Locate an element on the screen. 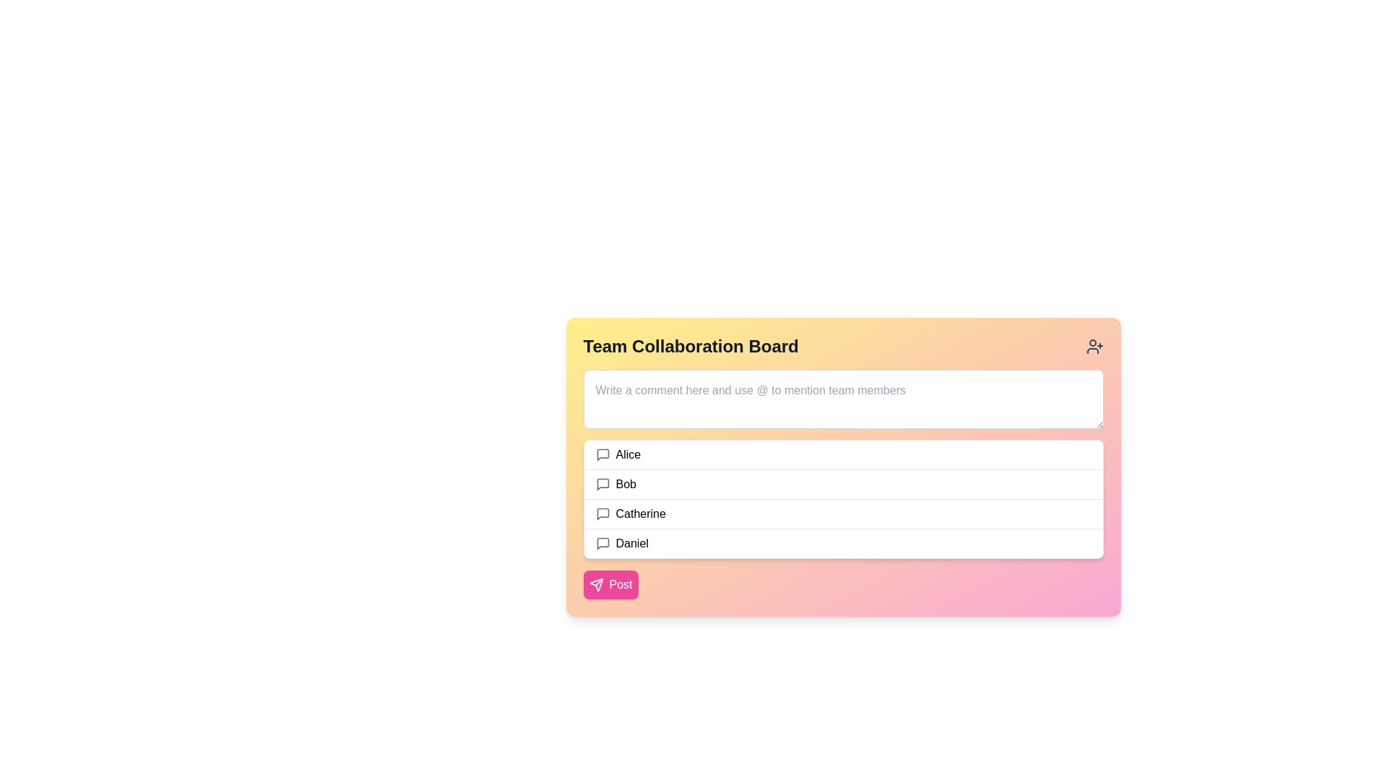 Image resolution: width=1387 pixels, height=780 pixels. the message icon associated with the 'Daniel' list item, located at the top-left corner of the 'Daniel' row is located at coordinates (602, 543).